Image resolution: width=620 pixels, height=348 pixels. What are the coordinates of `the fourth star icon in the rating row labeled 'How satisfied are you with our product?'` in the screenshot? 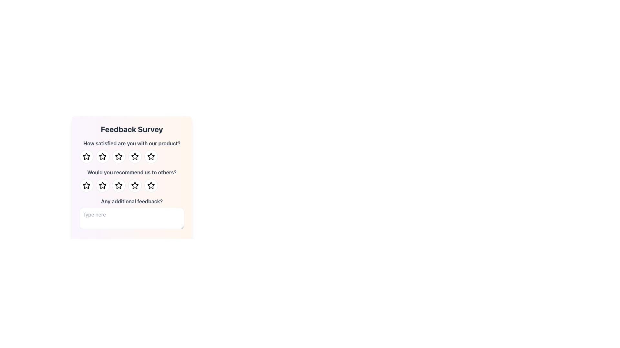 It's located at (150, 157).